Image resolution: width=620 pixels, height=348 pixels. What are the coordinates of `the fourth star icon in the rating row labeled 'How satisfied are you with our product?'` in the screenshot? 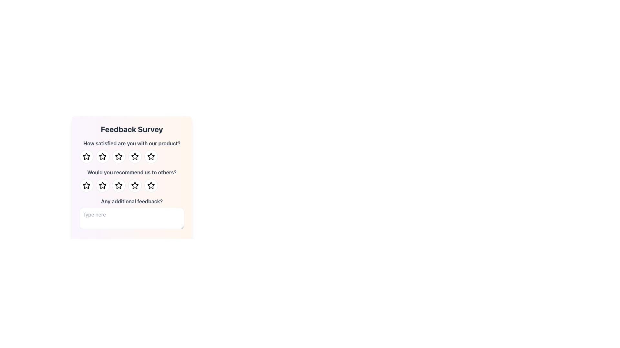 It's located at (150, 157).